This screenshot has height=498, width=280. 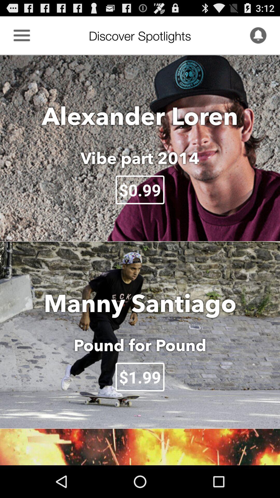 I want to click on the notifications icon, so click(x=258, y=38).